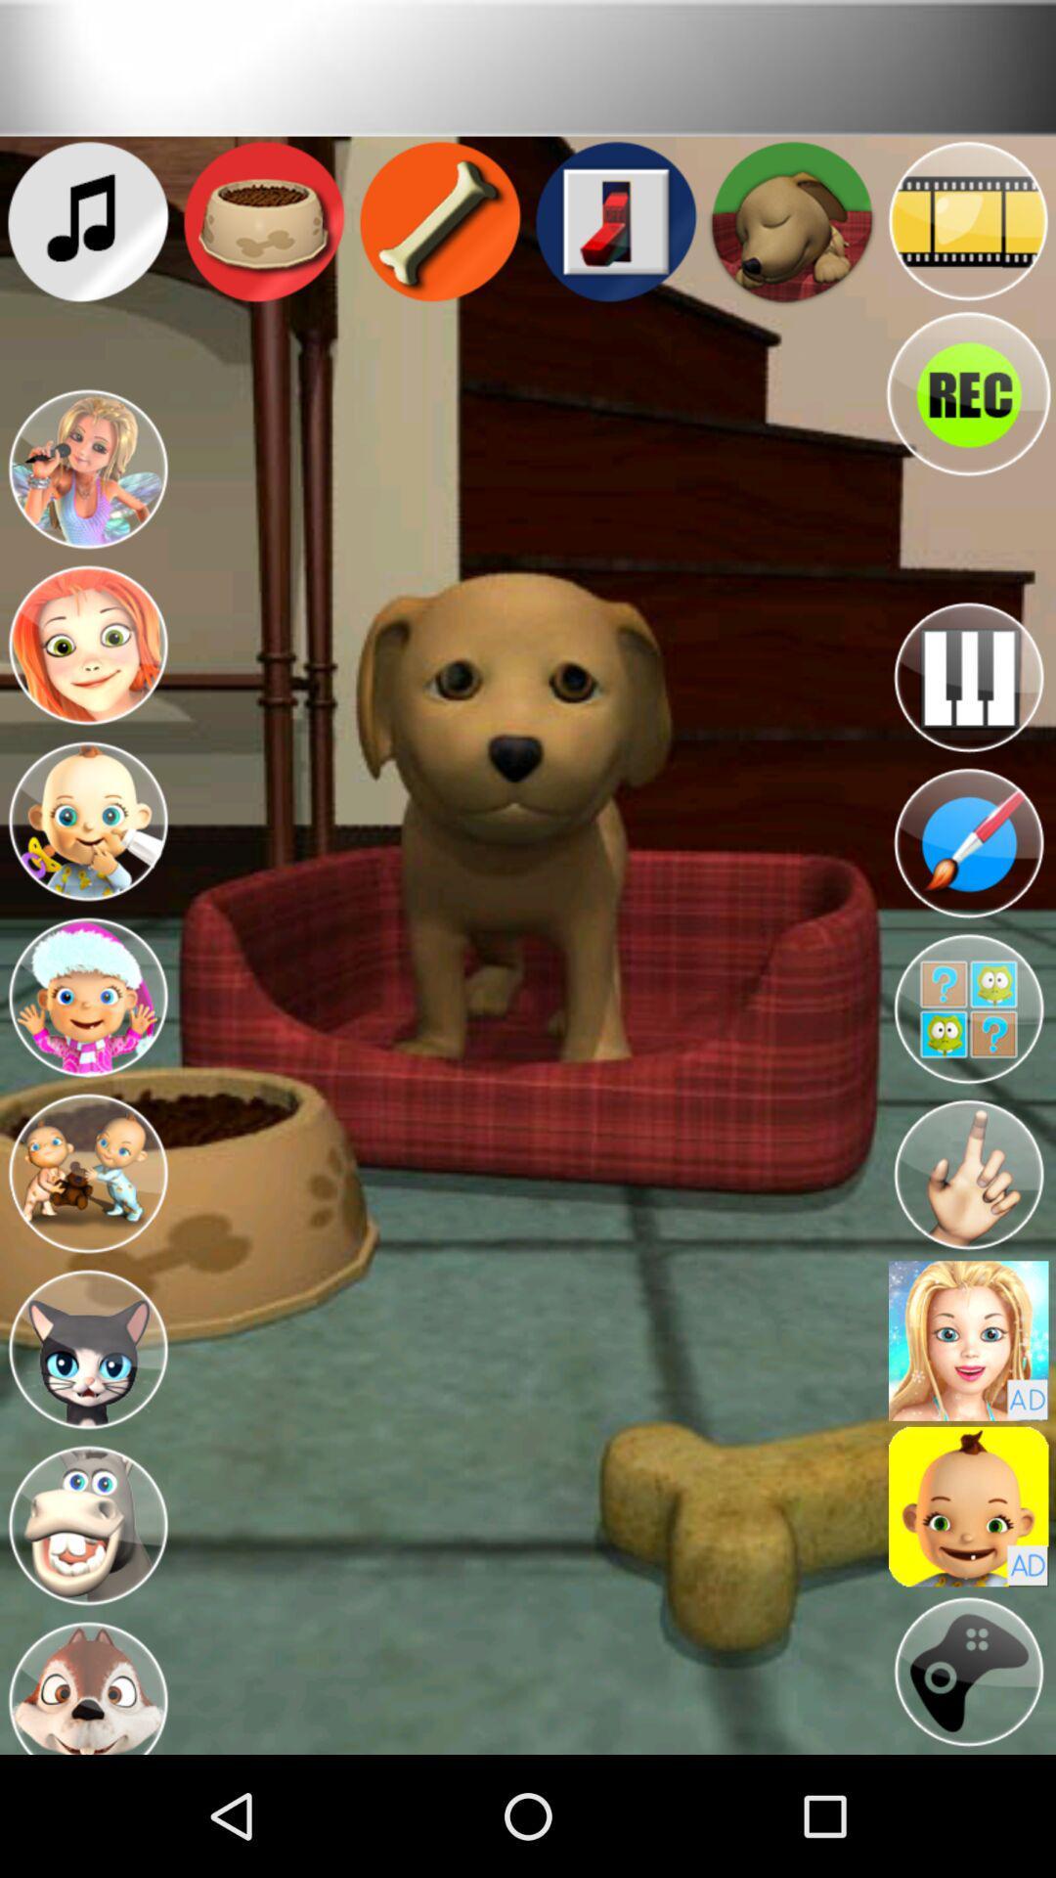 This screenshot has height=1878, width=1056. Describe the element at coordinates (86, 646) in the screenshot. I see `smile at the dog` at that location.